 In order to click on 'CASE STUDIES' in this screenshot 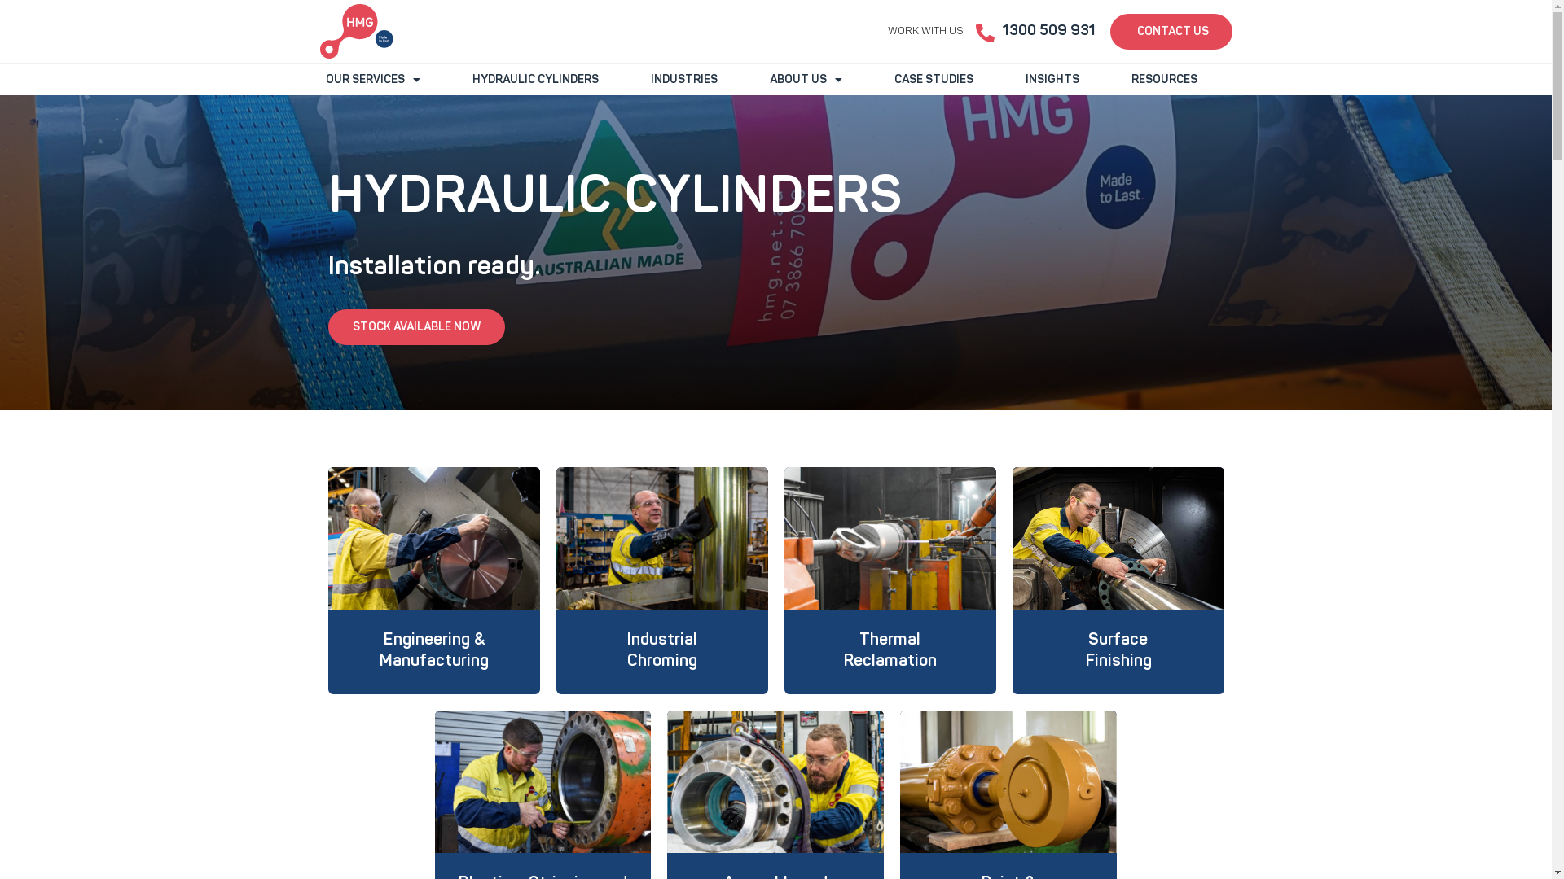, I will do `click(933, 79)`.